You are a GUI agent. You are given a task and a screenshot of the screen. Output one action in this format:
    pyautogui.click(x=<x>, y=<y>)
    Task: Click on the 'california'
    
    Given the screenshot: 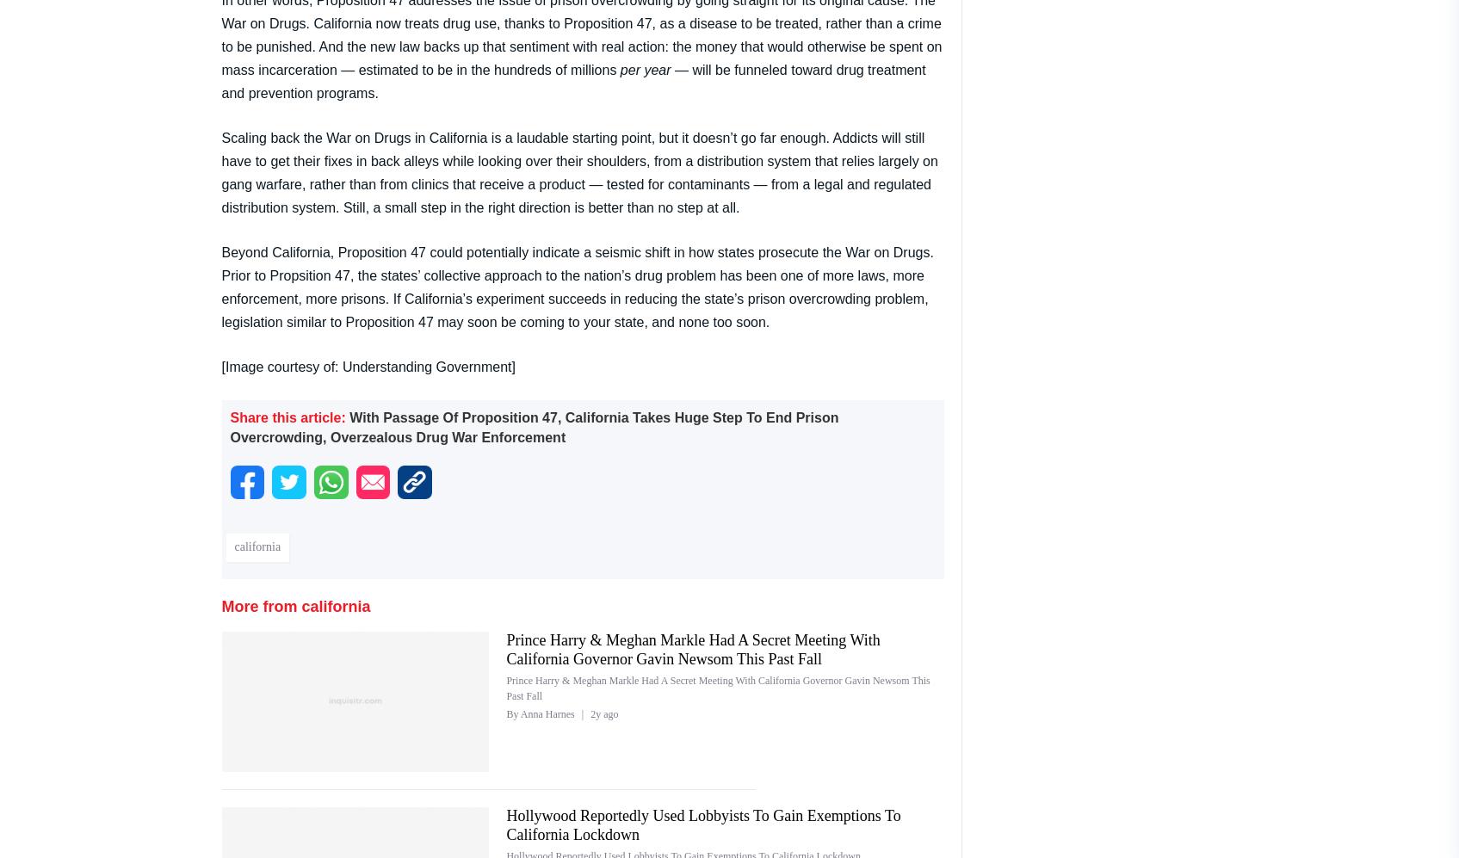 What is the action you would take?
    pyautogui.click(x=257, y=546)
    